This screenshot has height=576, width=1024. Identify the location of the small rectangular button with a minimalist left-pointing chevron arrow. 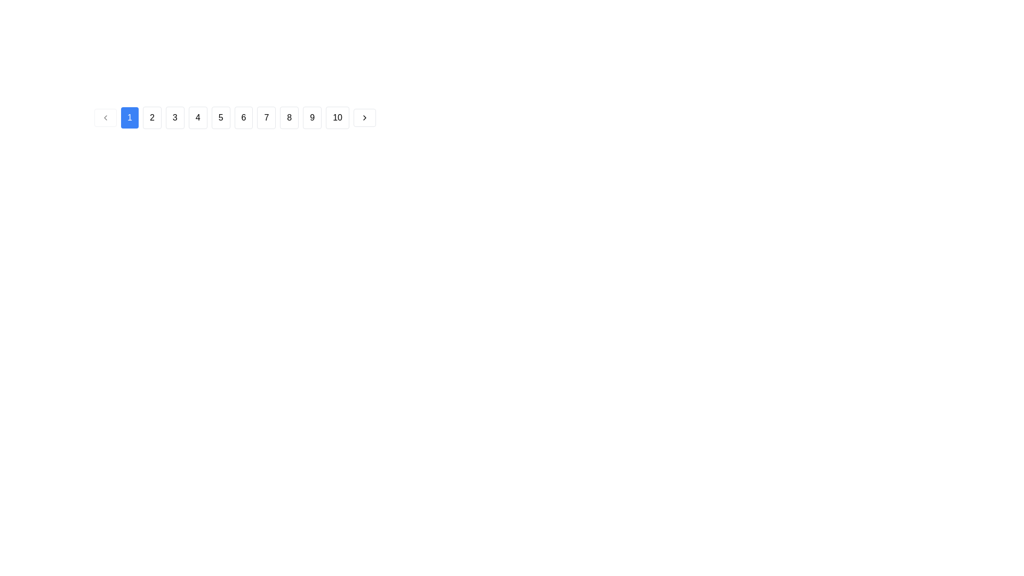
(105, 117).